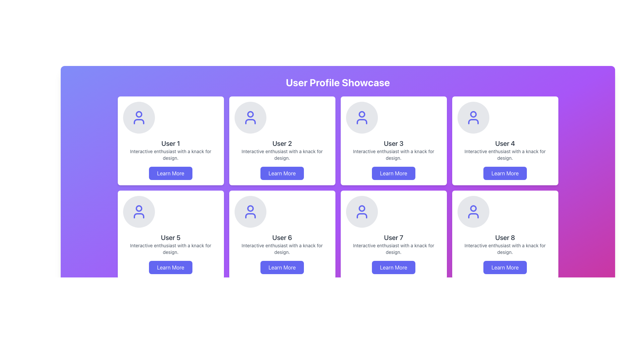 This screenshot has width=637, height=358. I want to click on the SVG circle that represents the head of the user icon within the card labeled 'User 5' in the second row of the grid, so click(138, 208).